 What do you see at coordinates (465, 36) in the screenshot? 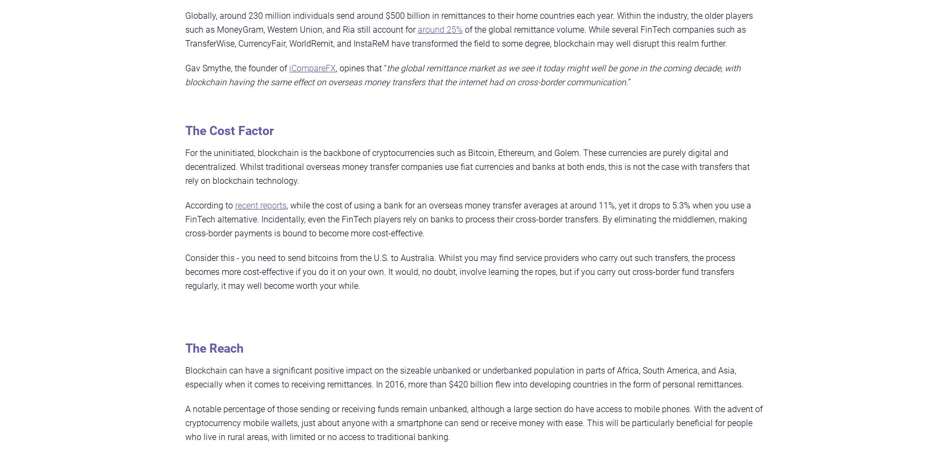
I see `'of the global remittance volume. While several FinTech companies such as TransferWise, CurrencyFair, WorldRemit, and InstaReM have transformed the field to some degree, blockchain may well disrupt this realm further.'` at bounding box center [465, 36].